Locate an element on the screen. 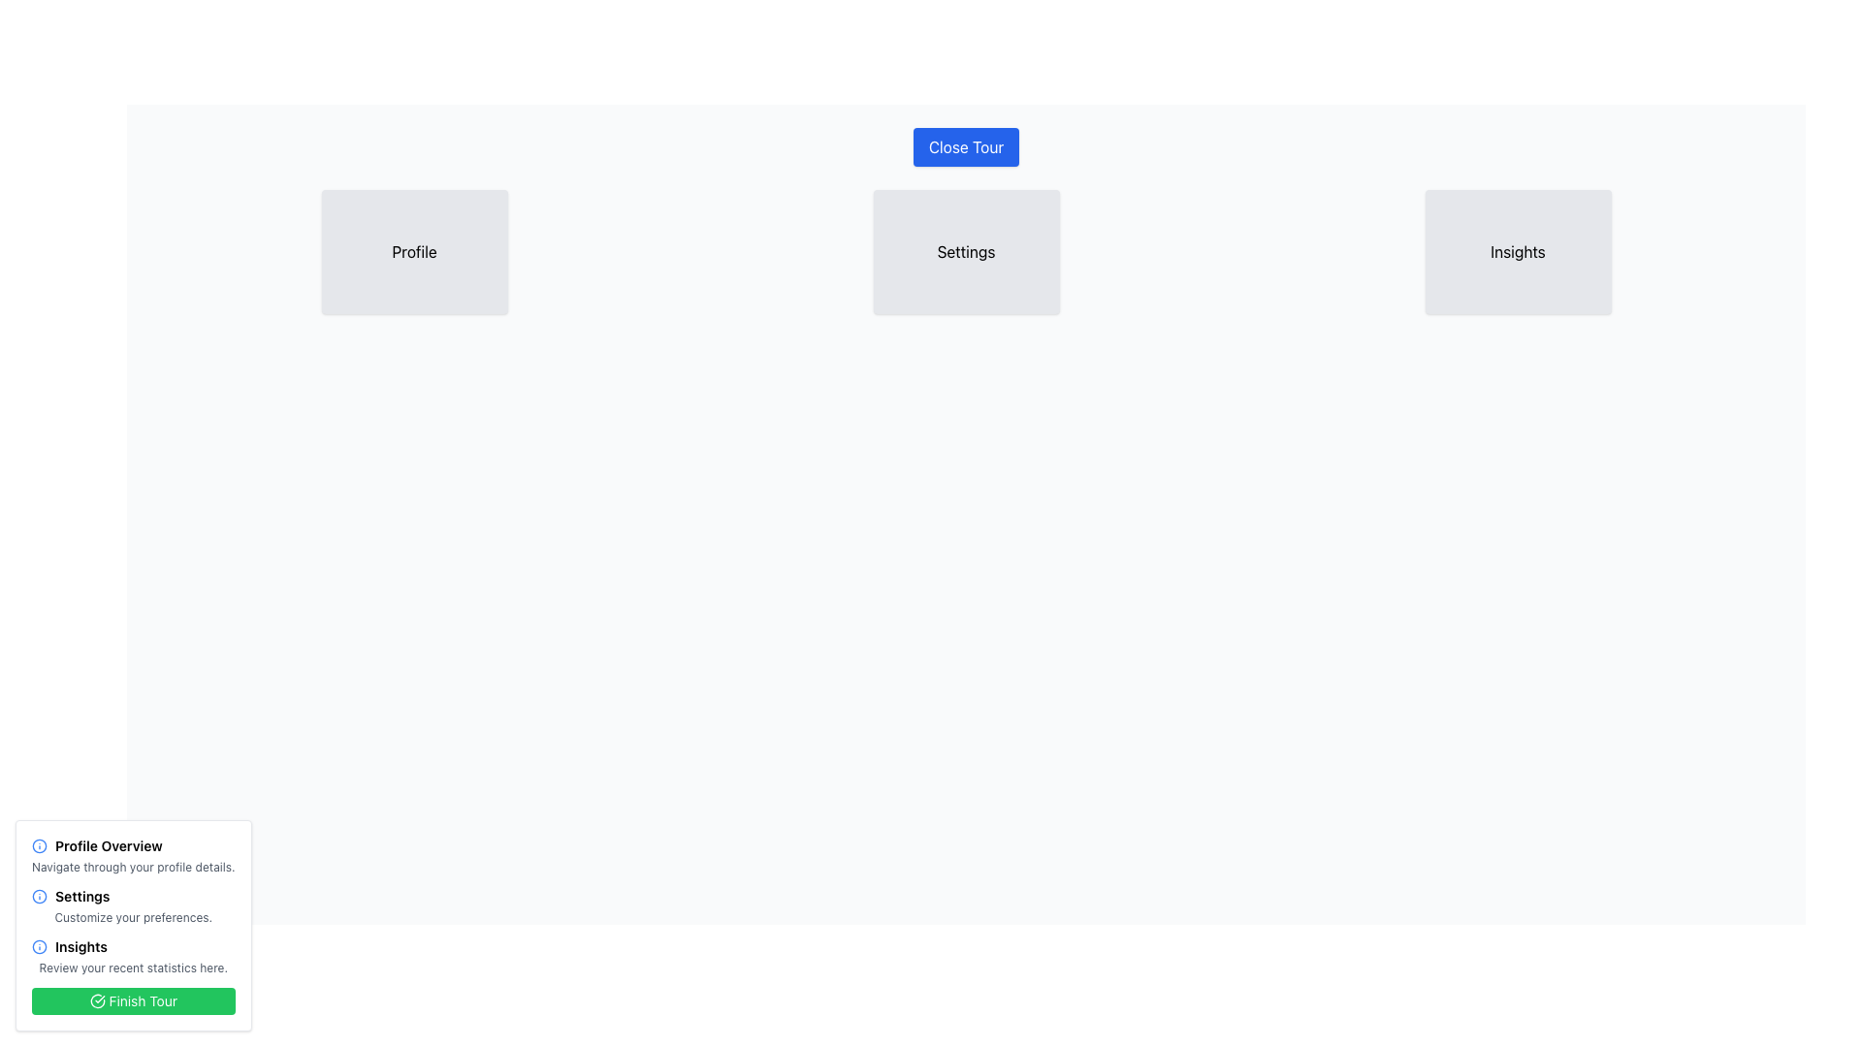 Image resolution: width=1862 pixels, height=1047 pixels. information displayed on the Informational Card located at the bottom-left corner of the application interface, which includes sections for 'Profile Overview,' 'Settings,' and 'Insights' along with a 'Finish Tour' button is located at coordinates (132, 925).